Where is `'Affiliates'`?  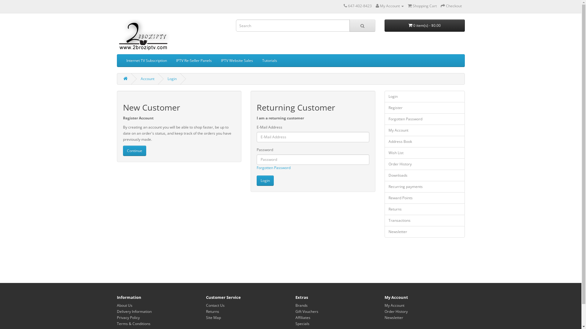
'Affiliates' is located at coordinates (295, 317).